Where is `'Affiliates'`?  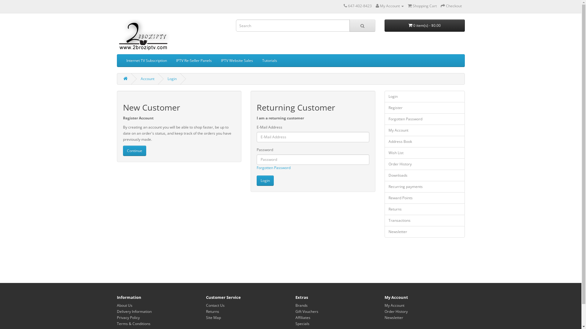
'Affiliates' is located at coordinates (295, 317).